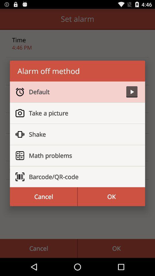 This screenshot has height=276, width=155. What do you see at coordinates (80, 113) in the screenshot?
I see `item above the shake icon` at bounding box center [80, 113].